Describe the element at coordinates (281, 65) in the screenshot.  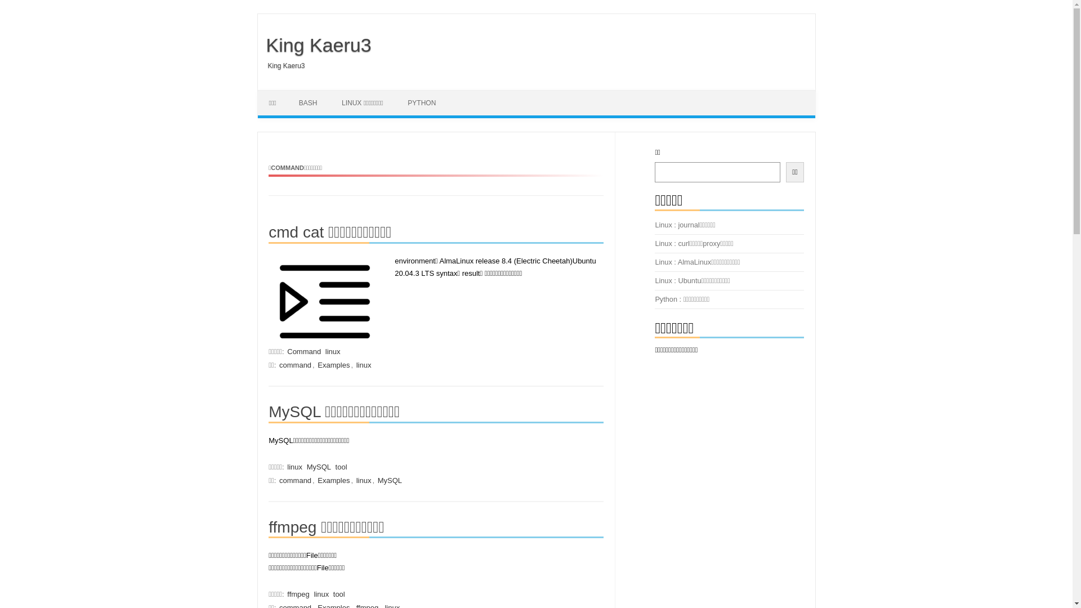
I see `'King Kaeru3'` at that location.